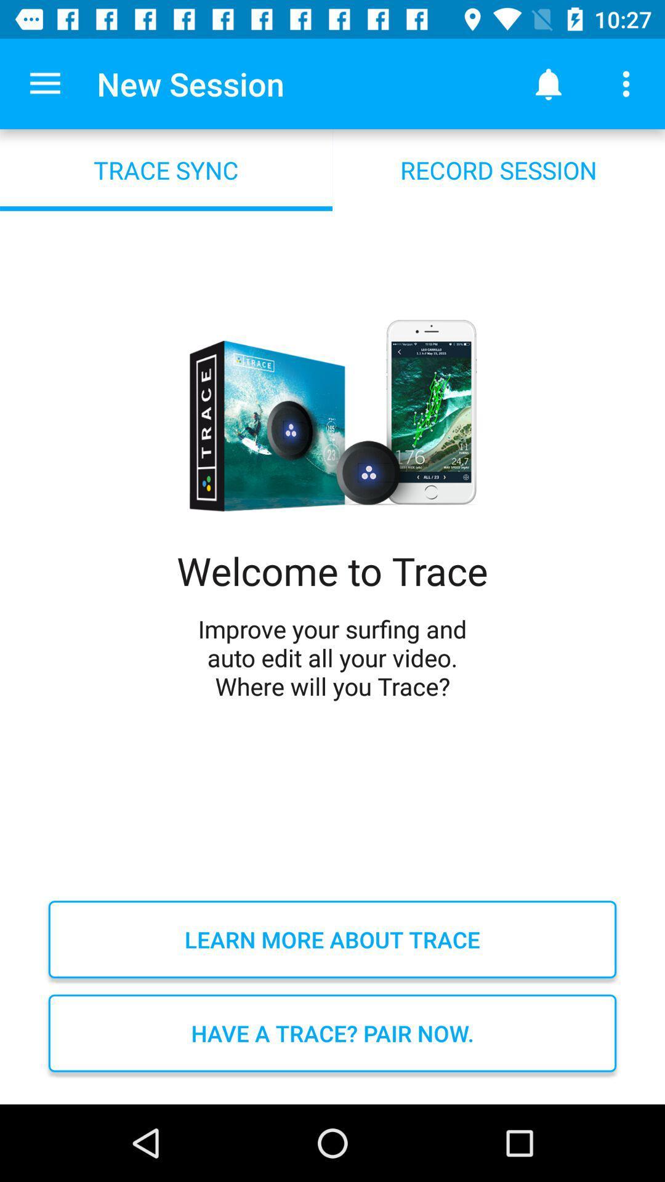  I want to click on the app to the left of new session item, so click(44, 83).